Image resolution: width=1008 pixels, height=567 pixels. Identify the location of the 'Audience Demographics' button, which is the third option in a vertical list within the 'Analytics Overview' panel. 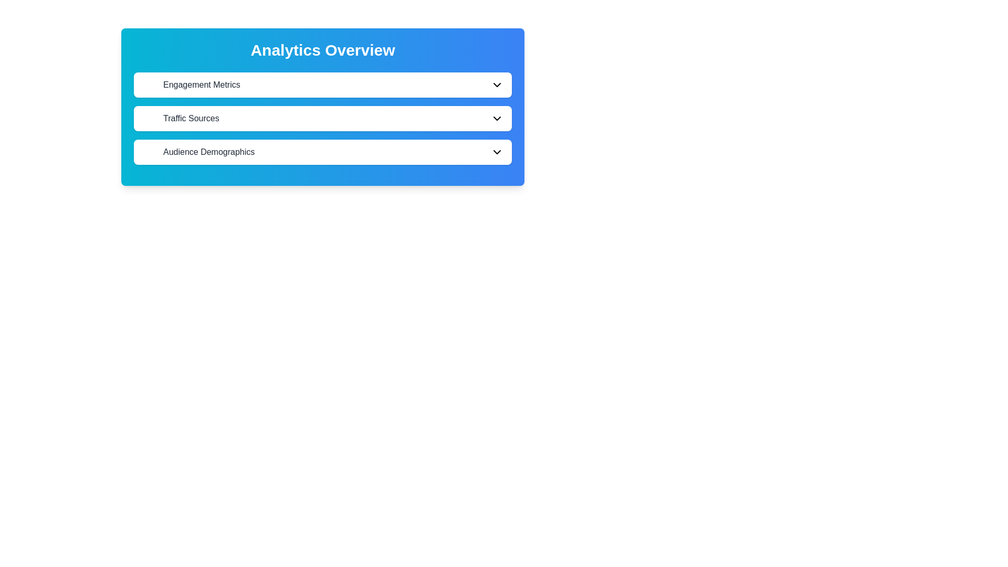
(322, 152).